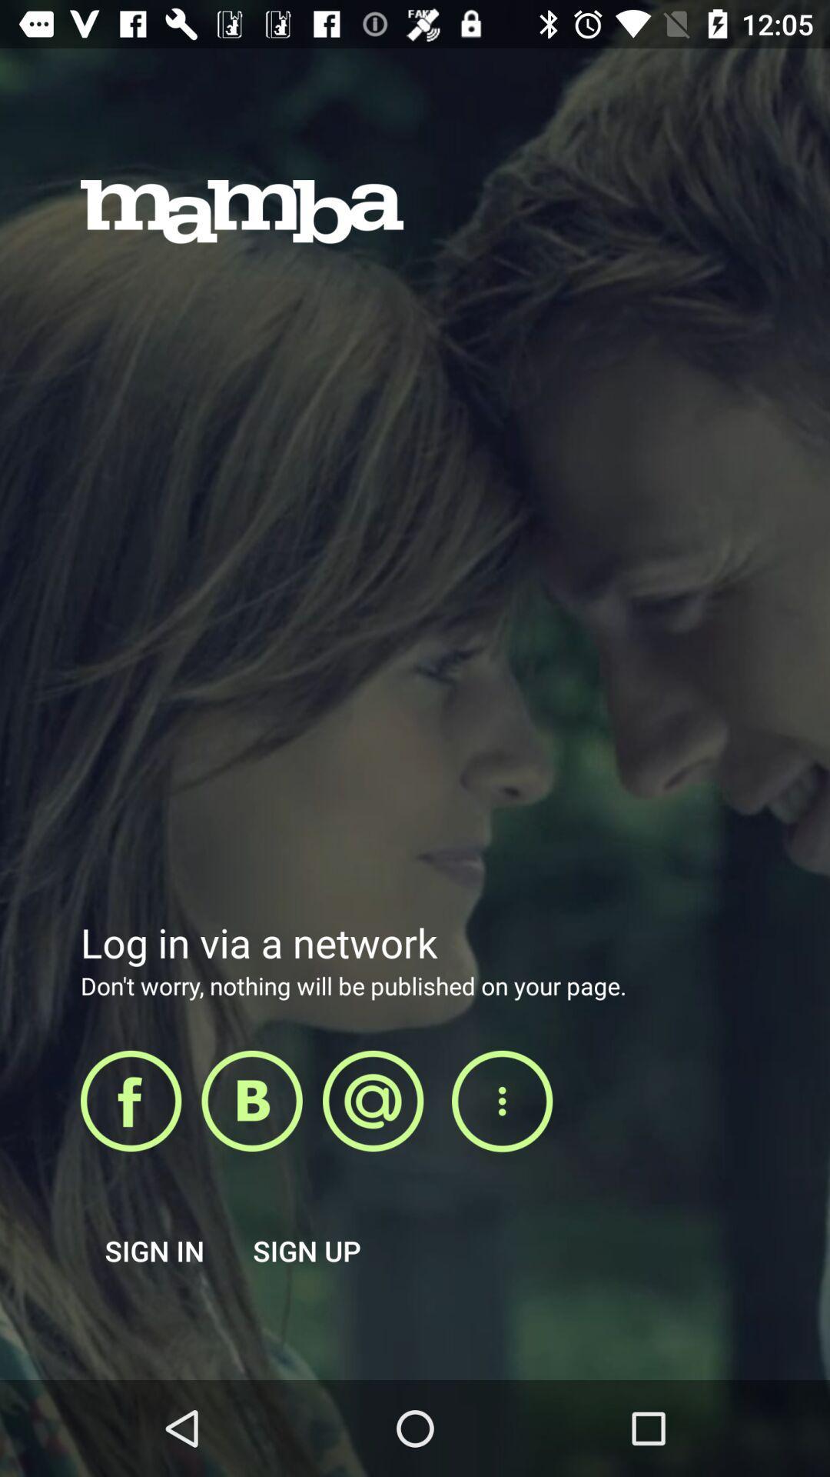  What do you see at coordinates (502, 1101) in the screenshot?
I see `other sharing options` at bounding box center [502, 1101].